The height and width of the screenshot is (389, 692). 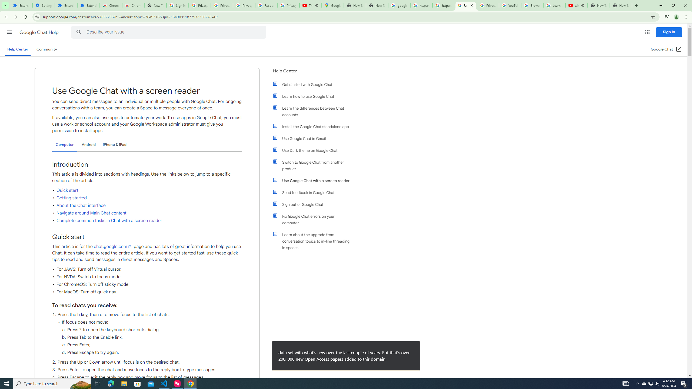 I want to click on 'Quick start', so click(x=67, y=190).